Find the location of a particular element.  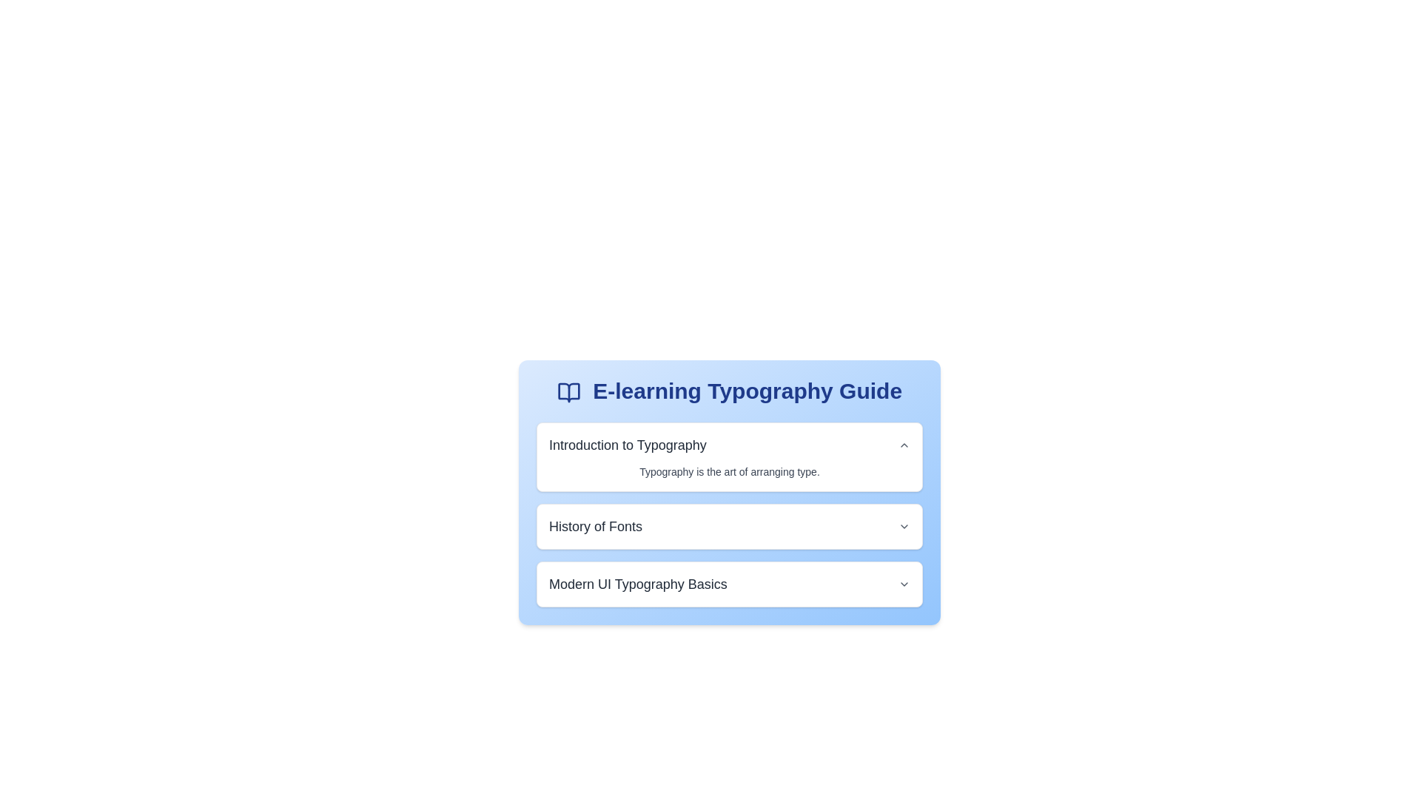

the upward-pointing chevron button located at the upper-right corner of the 'Introduction to Typography' section in the 'E-learning Typography Guide' panel is located at coordinates (904, 444).